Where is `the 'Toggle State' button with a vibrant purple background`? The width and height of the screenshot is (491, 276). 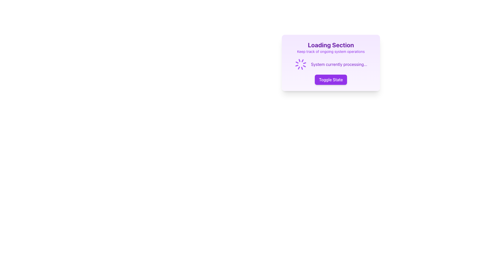
the 'Toggle State' button with a vibrant purple background is located at coordinates (331, 80).